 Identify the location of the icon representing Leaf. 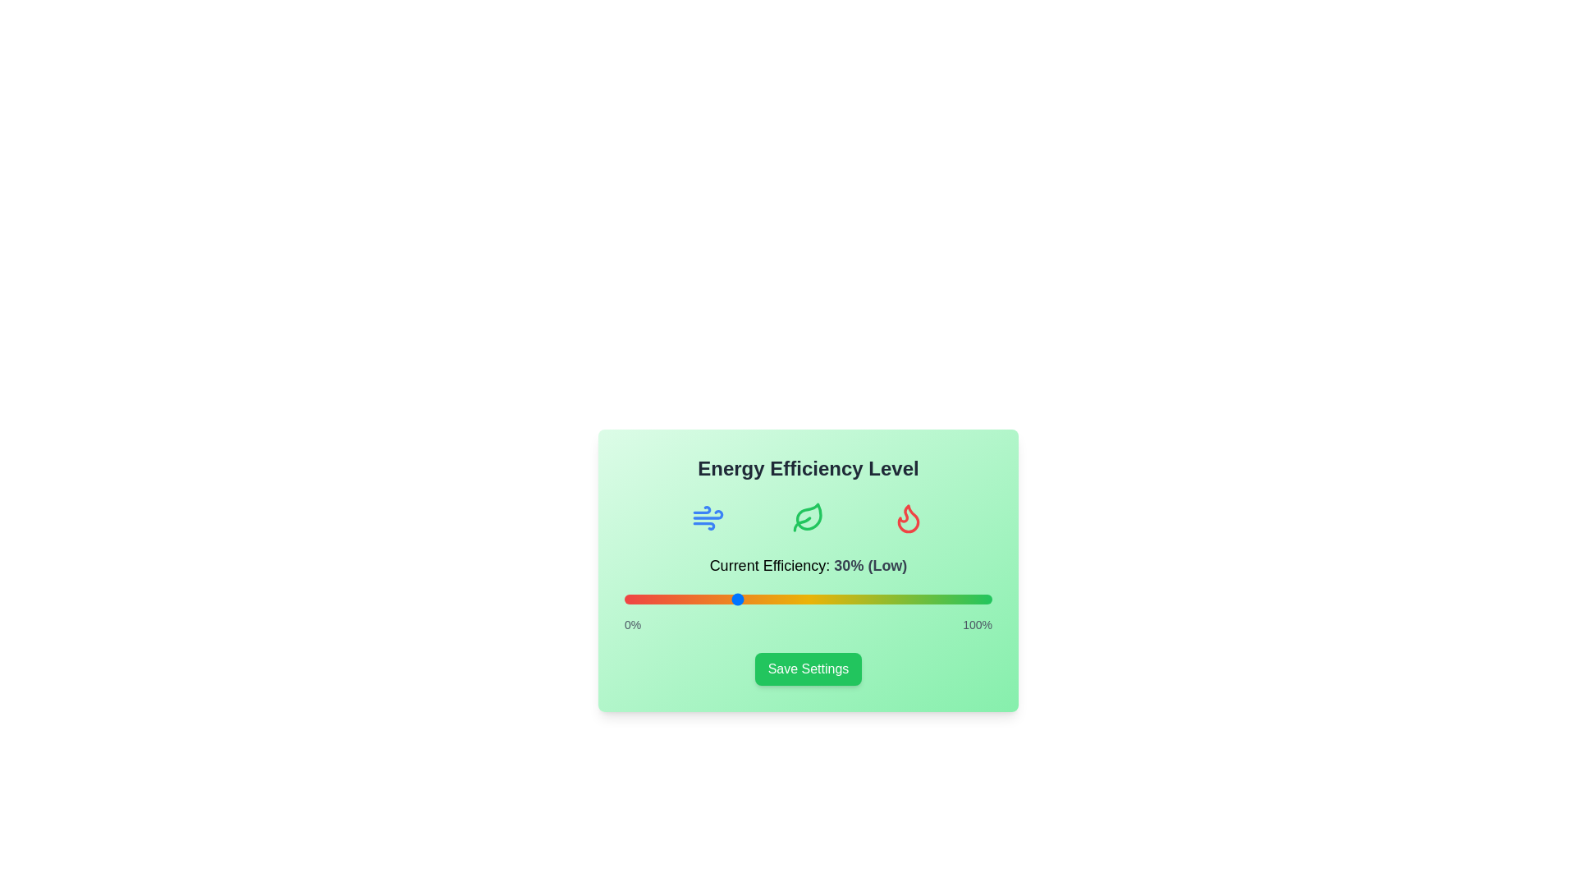
(808, 518).